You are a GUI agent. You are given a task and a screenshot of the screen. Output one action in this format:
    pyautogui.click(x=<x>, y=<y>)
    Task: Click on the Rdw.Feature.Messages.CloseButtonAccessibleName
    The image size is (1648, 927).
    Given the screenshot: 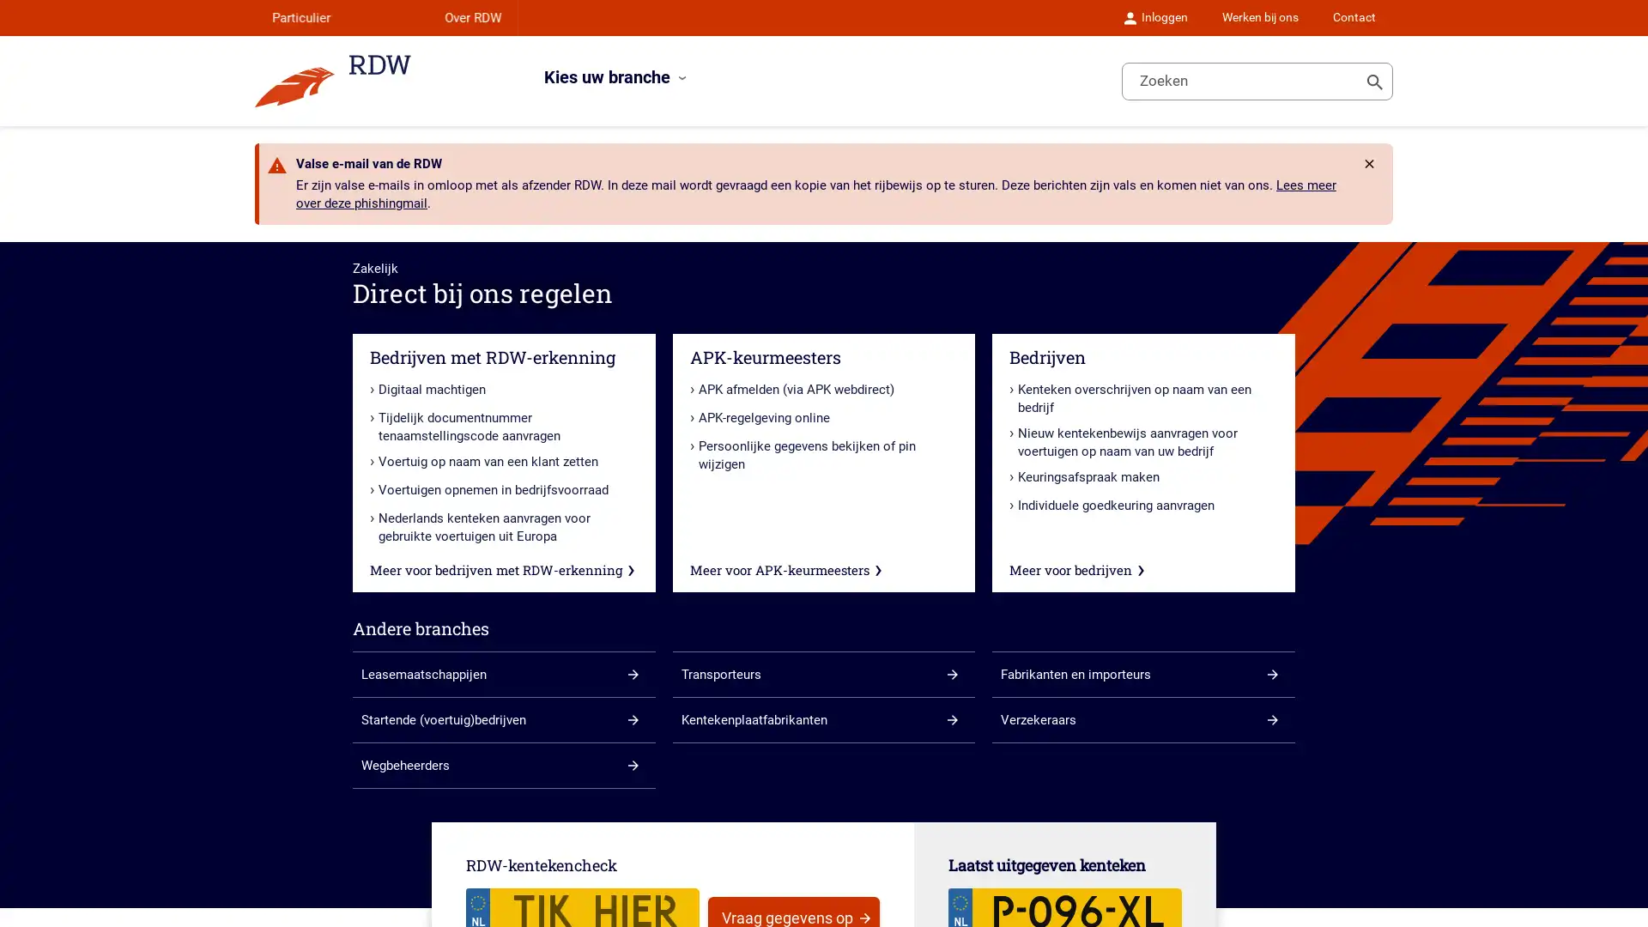 What is the action you would take?
    pyautogui.click(x=1368, y=164)
    